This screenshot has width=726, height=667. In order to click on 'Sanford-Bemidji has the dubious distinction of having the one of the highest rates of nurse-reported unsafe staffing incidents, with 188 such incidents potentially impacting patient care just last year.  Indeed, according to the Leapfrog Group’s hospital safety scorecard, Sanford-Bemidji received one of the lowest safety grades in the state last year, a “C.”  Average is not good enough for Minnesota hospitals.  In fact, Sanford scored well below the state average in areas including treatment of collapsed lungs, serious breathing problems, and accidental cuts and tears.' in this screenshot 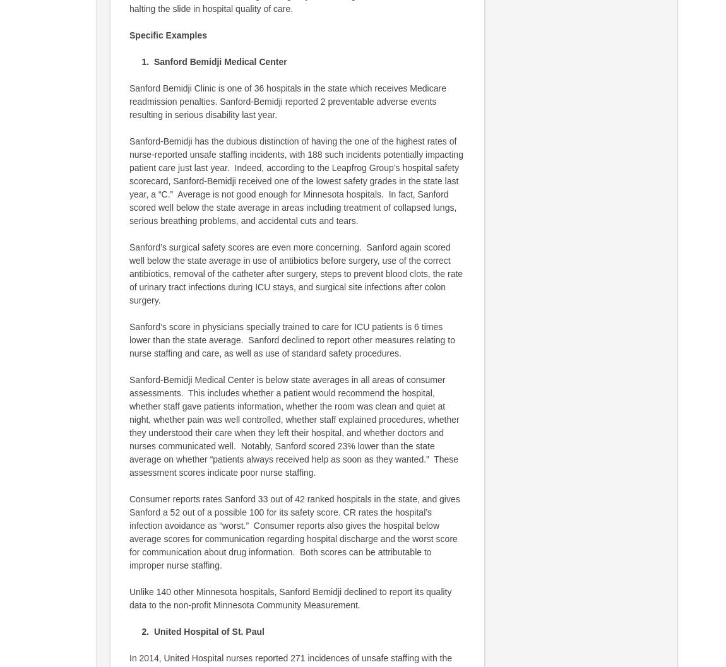, I will do `click(295, 180)`.